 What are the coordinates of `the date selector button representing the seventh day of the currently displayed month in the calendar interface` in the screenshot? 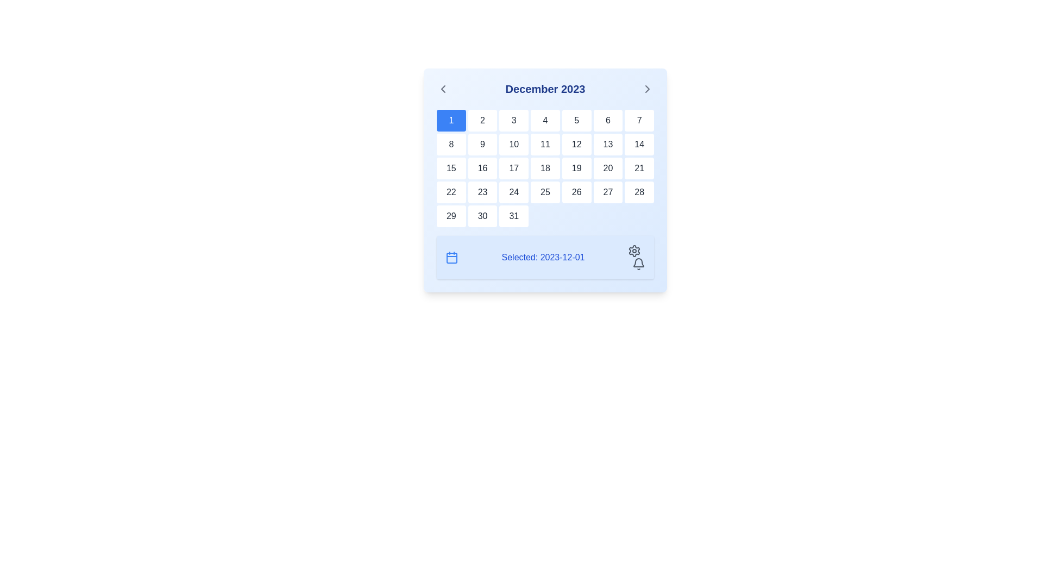 It's located at (639, 121).